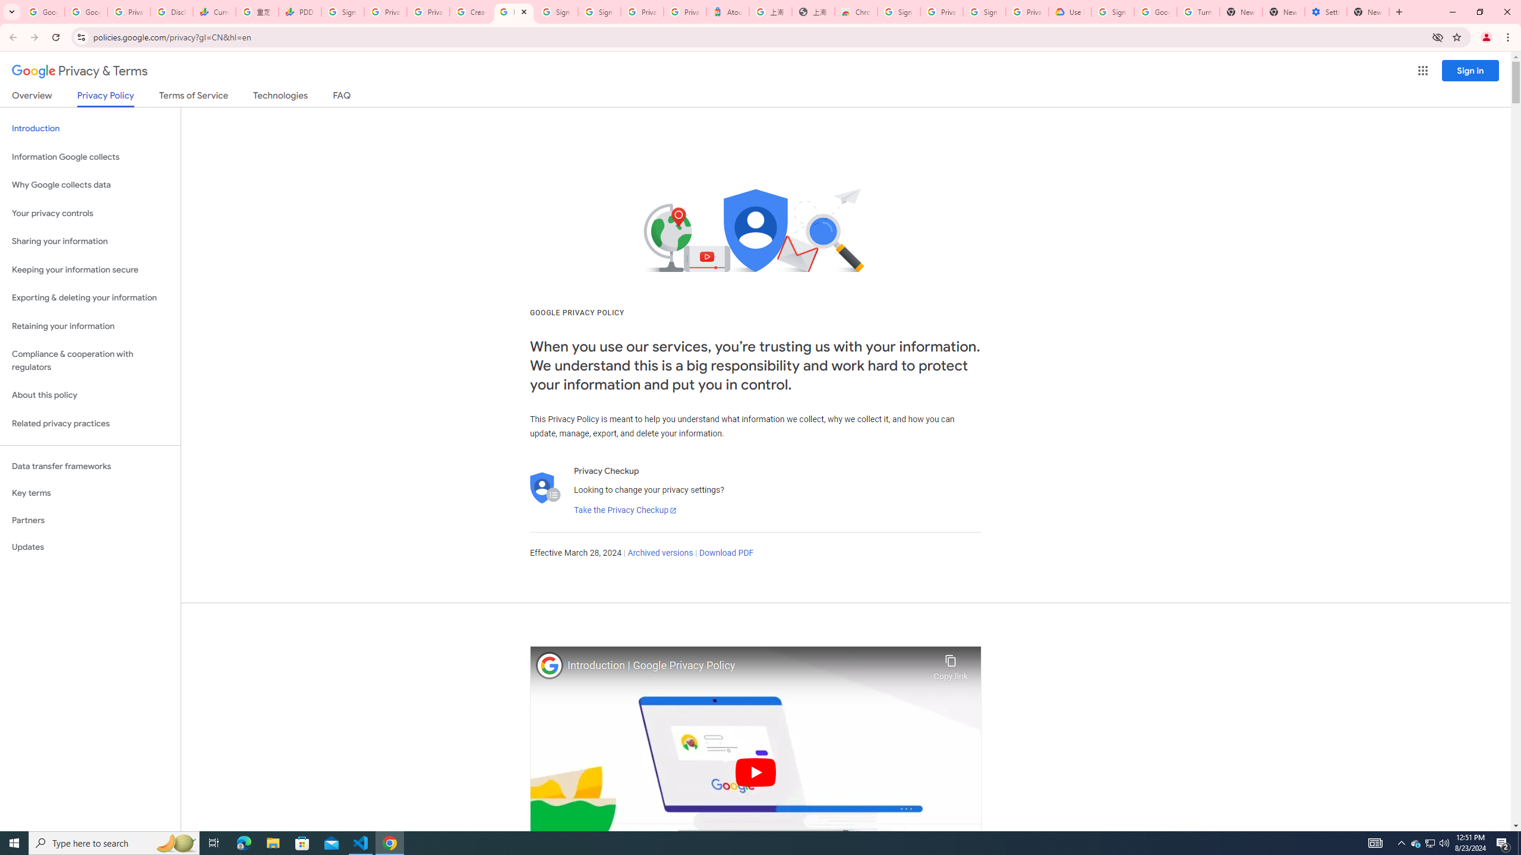  What do you see at coordinates (1155, 11) in the screenshot?
I see `'Google Account Help'` at bounding box center [1155, 11].